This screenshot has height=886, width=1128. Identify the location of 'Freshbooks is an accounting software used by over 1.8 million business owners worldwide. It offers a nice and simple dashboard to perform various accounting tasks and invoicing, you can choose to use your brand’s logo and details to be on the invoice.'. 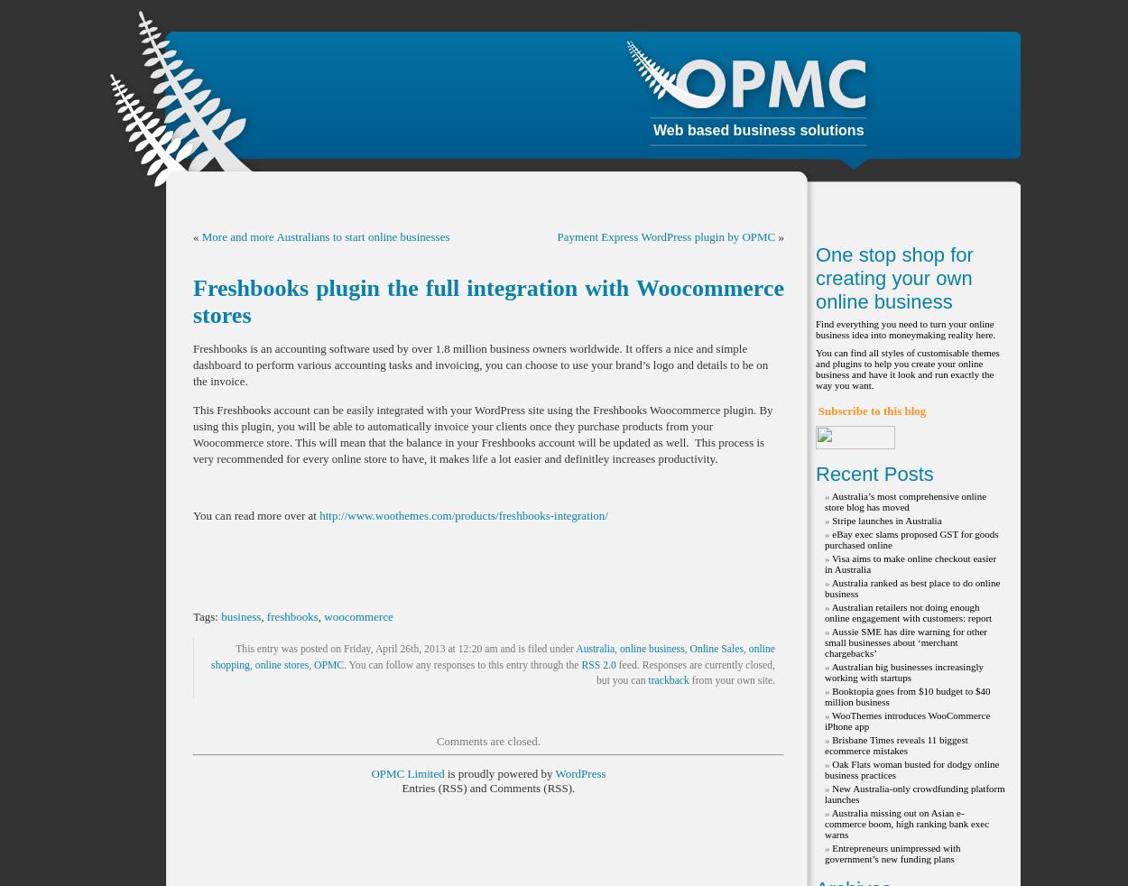
(192, 365).